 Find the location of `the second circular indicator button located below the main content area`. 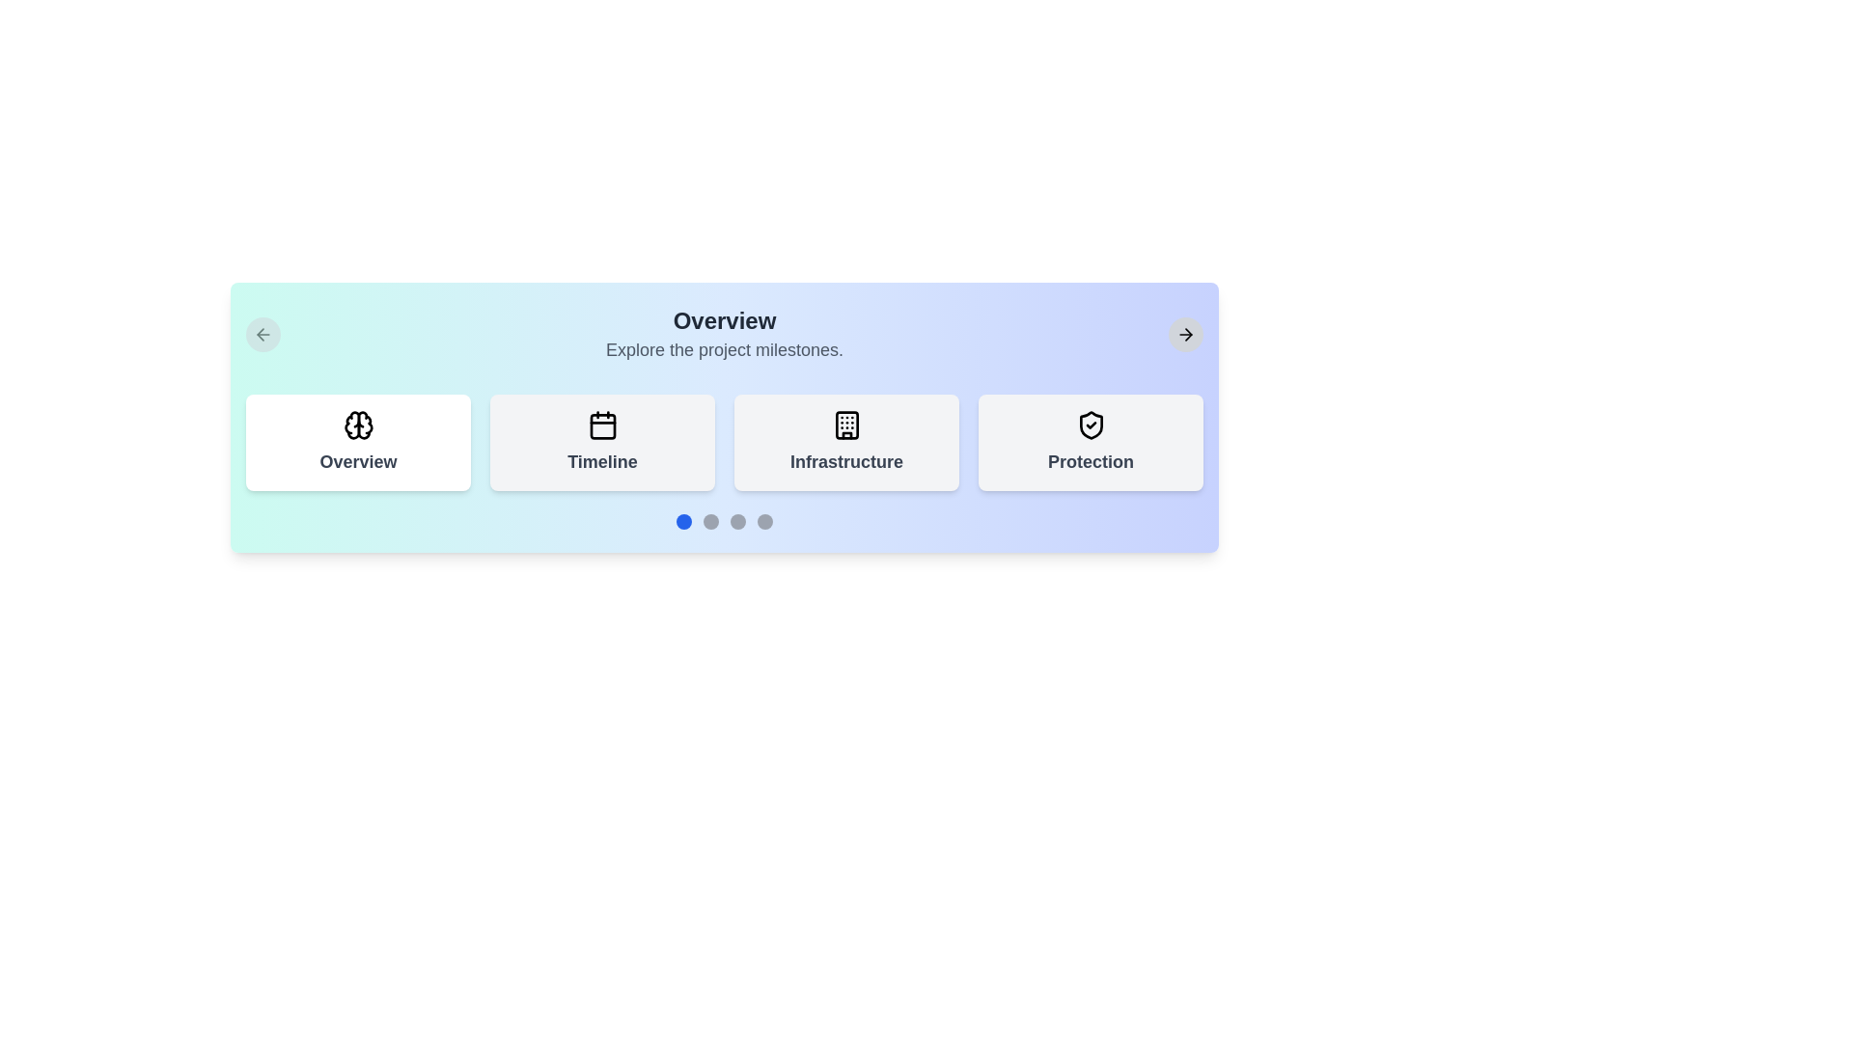

the second circular indicator button located below the main content area is located at coordinates (710, 521).